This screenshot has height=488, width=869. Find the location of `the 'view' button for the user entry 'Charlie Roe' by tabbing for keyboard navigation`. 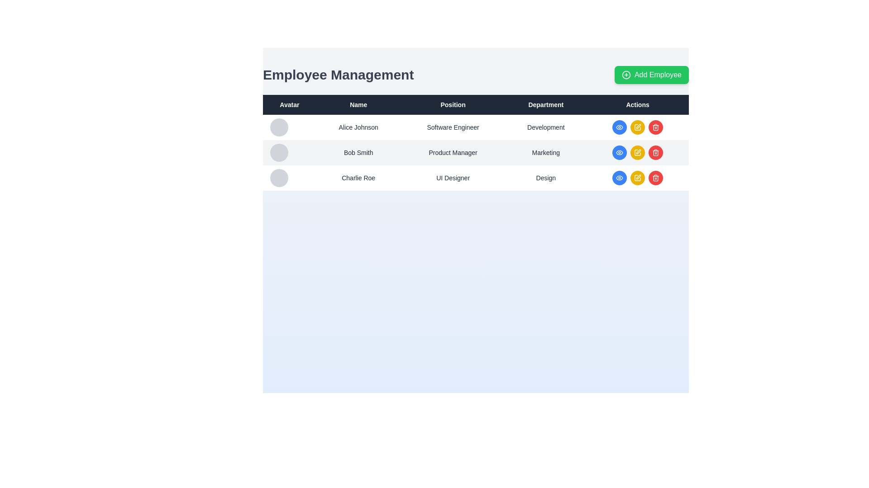

the 'view' button for the user entry 'Charlie Roe' by tabbing for keyboard navigation is located at coordinates (619, 178).